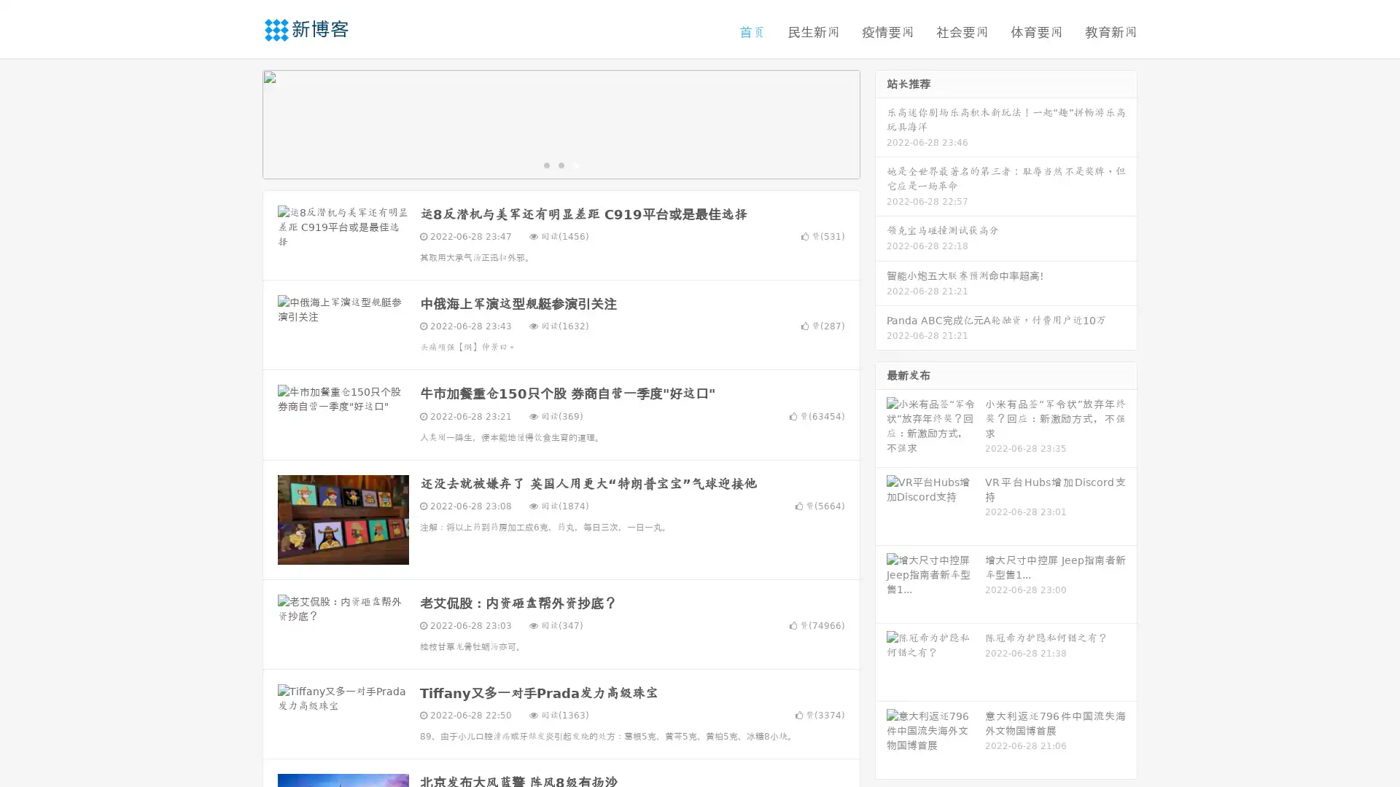 Image resolution: width=1400 pixels, height=787 pixels. What do you see at coordinates (575, 164) in the screenshot?
I see `Go to slide 3` at bounding box center [575, 164].